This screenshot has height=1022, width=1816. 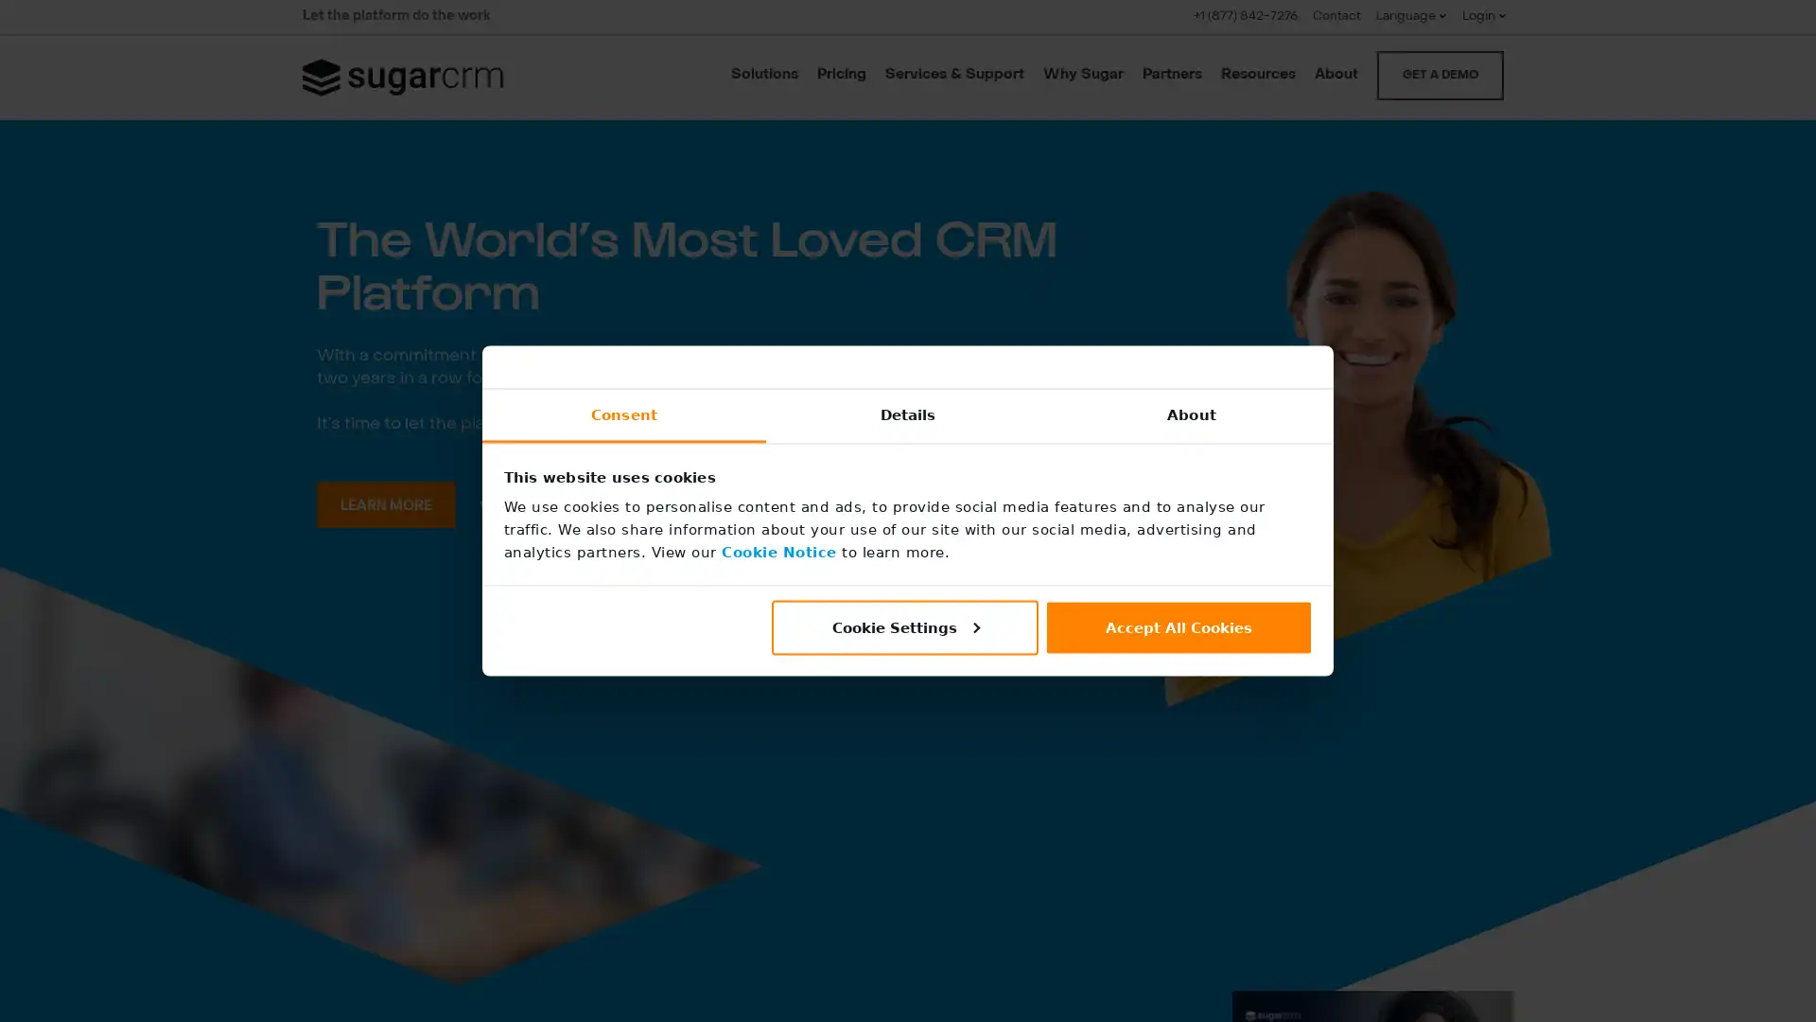 I want to click on CLOSE SEARCH, so click(x=1793, y=90).